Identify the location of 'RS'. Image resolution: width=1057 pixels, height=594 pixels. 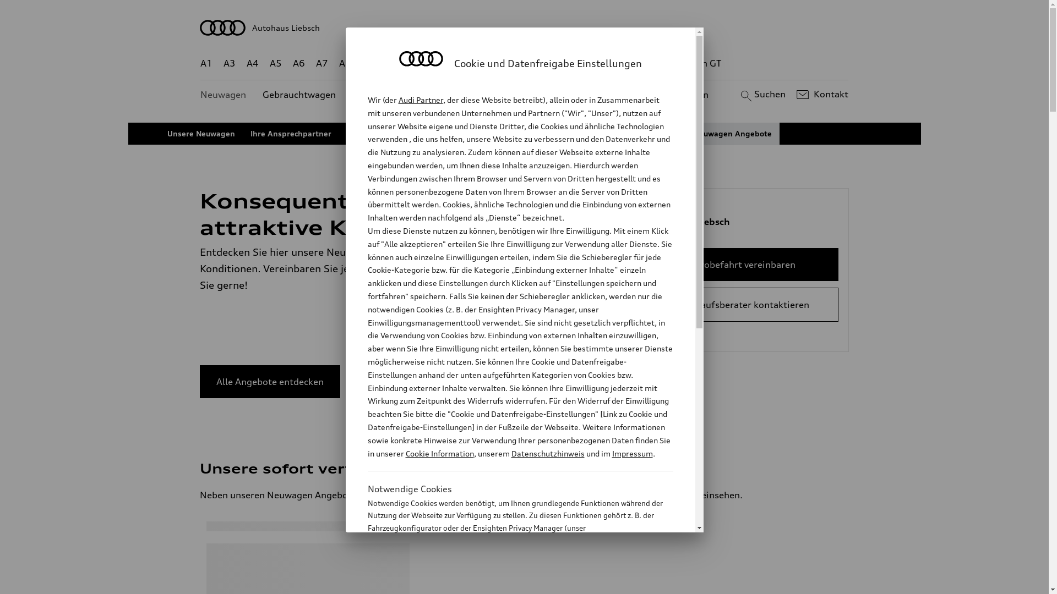
(619, 63).